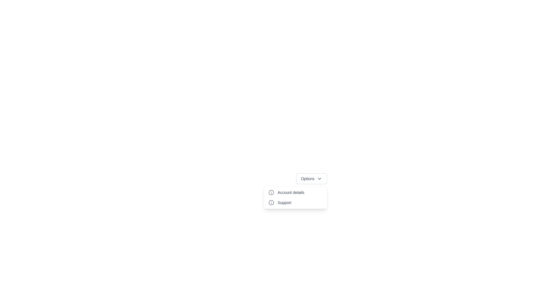  I want to click on the 'Account details' menu item, so click(295, 192).